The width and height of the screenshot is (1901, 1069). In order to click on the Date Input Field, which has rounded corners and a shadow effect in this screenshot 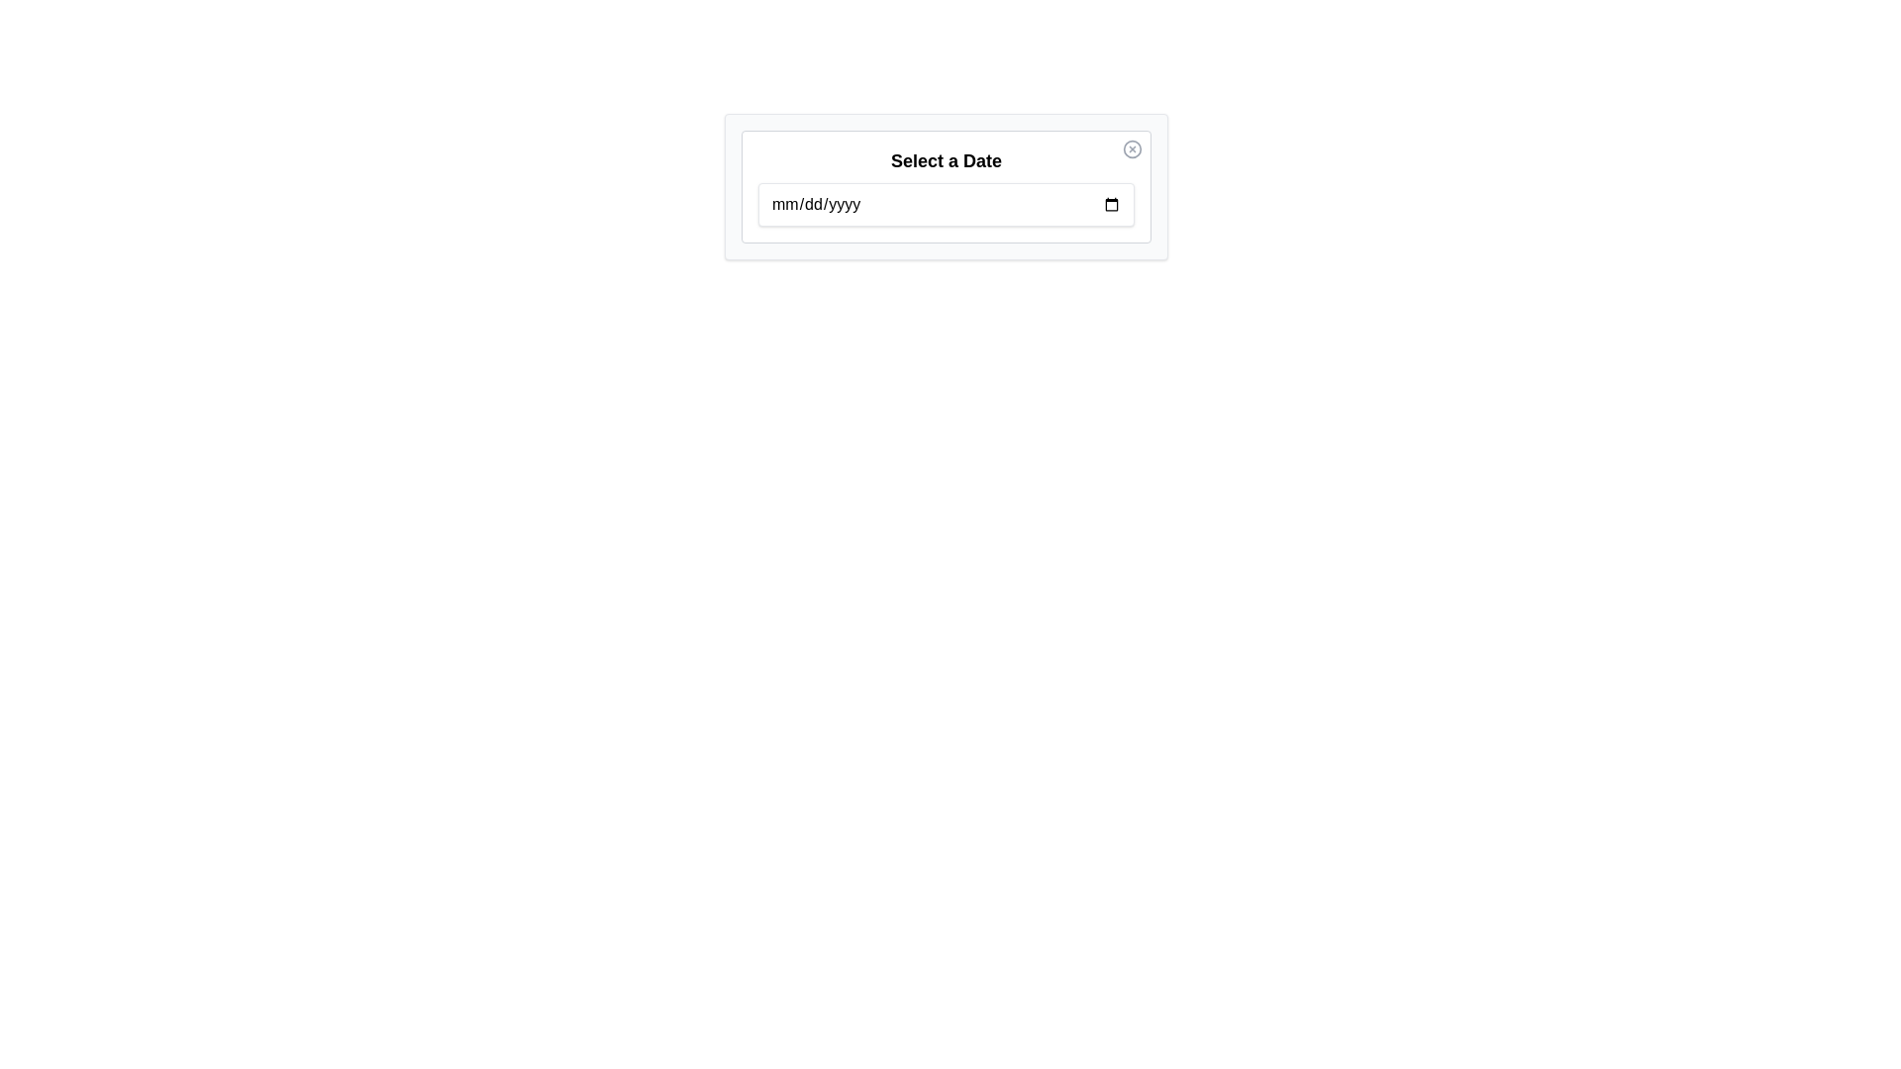, I will do `click(945, 205)`.